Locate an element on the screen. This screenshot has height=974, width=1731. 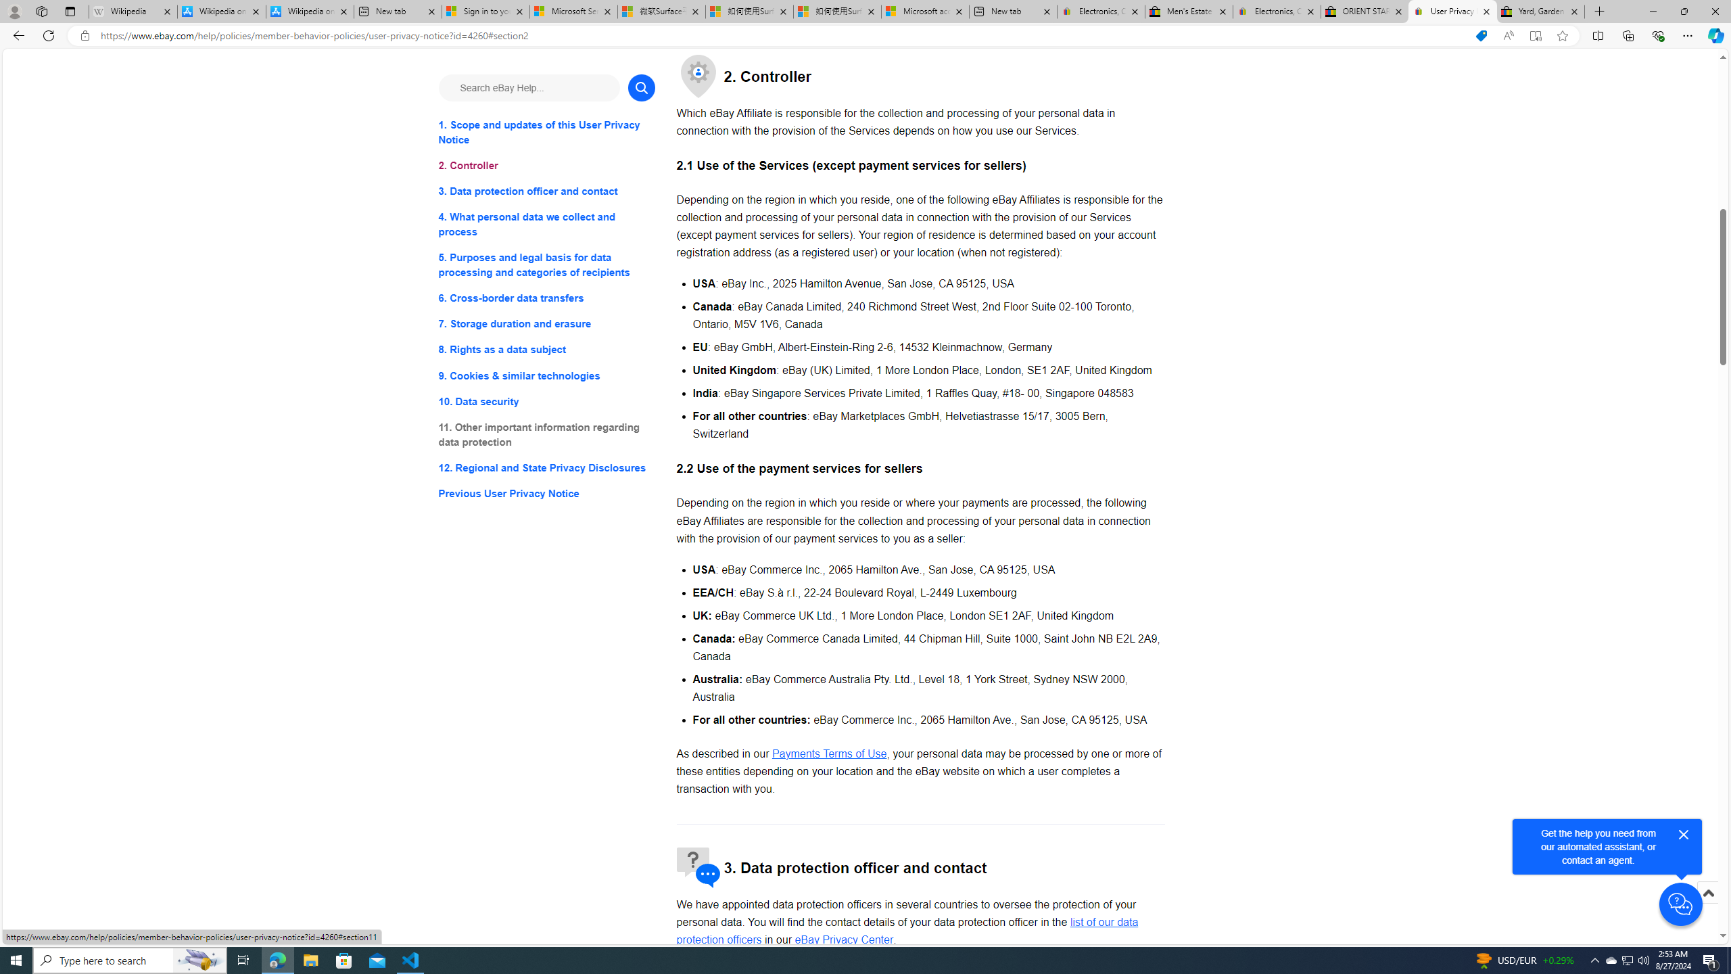
'Scroll to top' is located at coordinates (1707, 891).